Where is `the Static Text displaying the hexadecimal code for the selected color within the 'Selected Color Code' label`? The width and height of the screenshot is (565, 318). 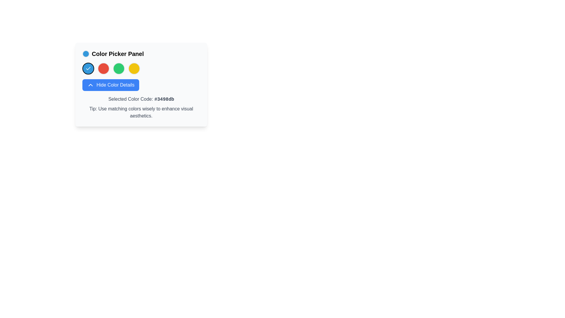 the Static Text displaying the hexadecimal code for the selected color within the 'Selected Color Code' label is located at coordinates (164, 99).